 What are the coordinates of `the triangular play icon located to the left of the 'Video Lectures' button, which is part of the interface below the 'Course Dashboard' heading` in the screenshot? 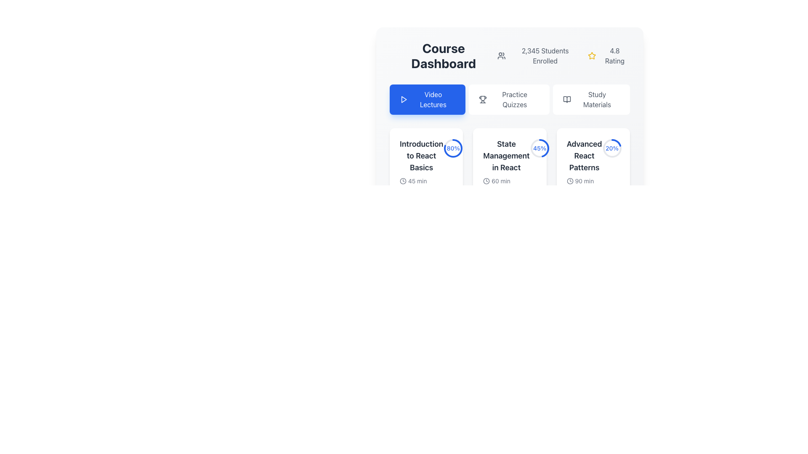 It's located at (404, 99).